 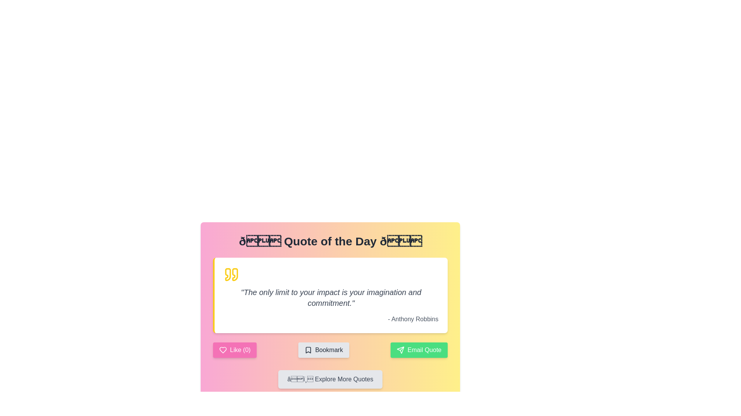 I want to click on the heart-shaped icon, which represents a 'like' or 'favorite' action, located above the text 'Like (0)' and to the left of the 'Bookmark' button, so click(x=222, y=350).